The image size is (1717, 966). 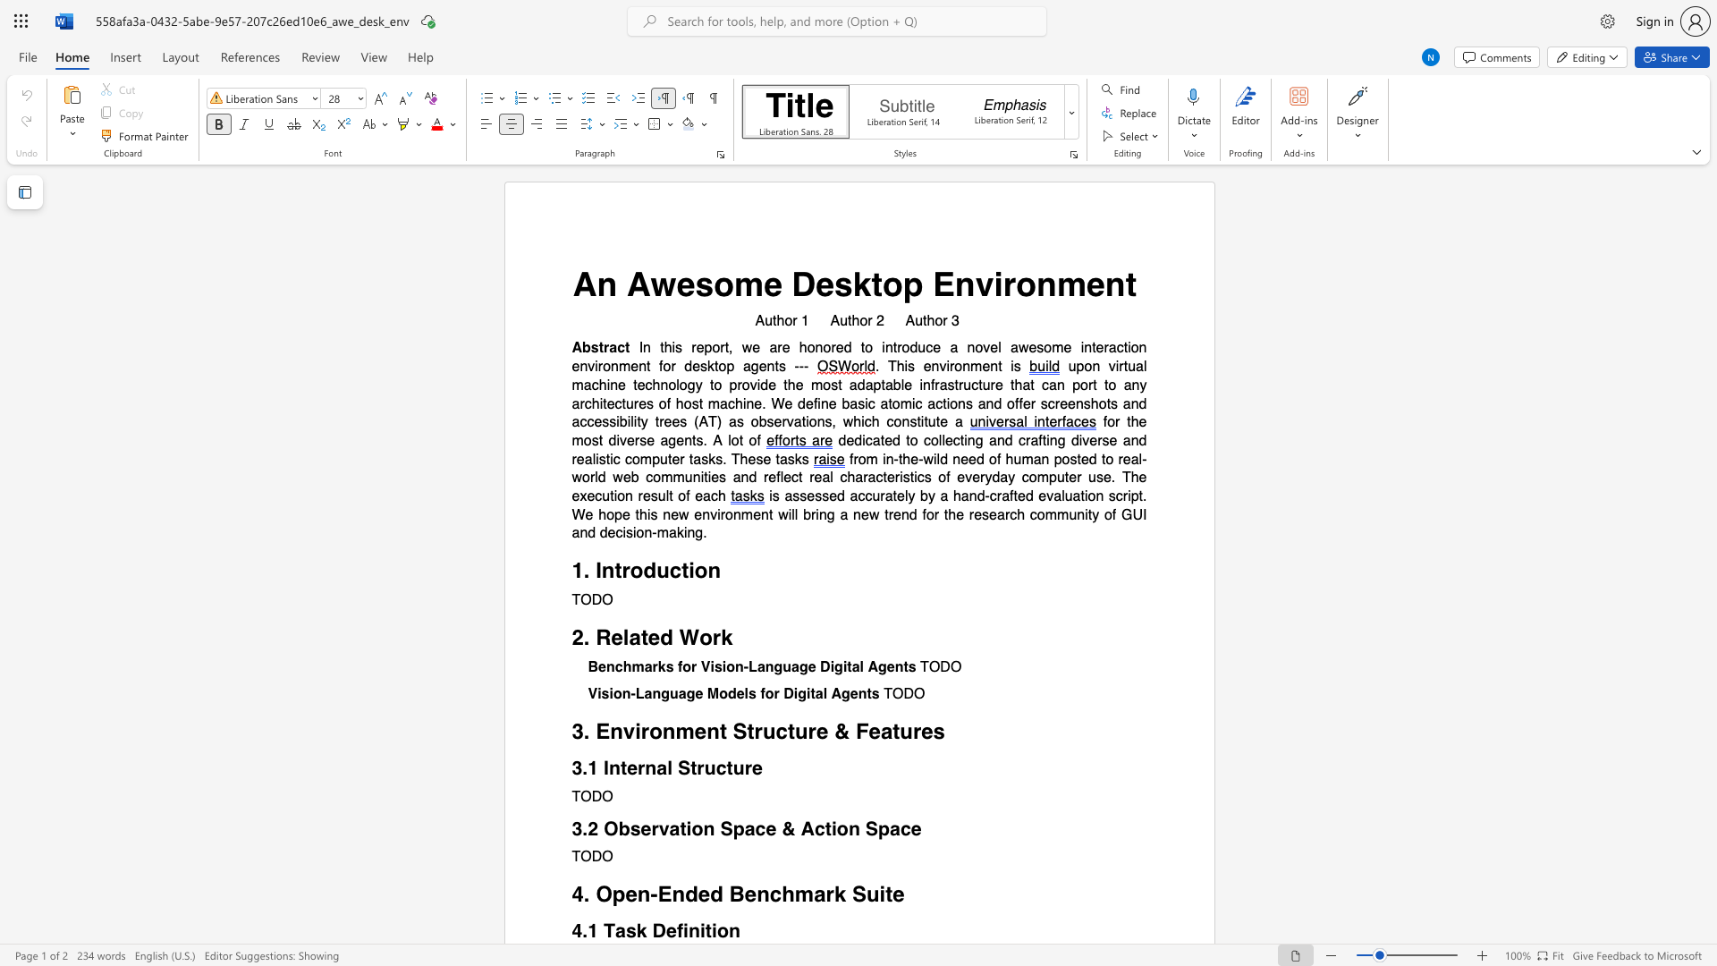 I want to click on the subset text "ktop Enviro" within the text "An Awesome Desktop Environment", so click(x=851, y=283).